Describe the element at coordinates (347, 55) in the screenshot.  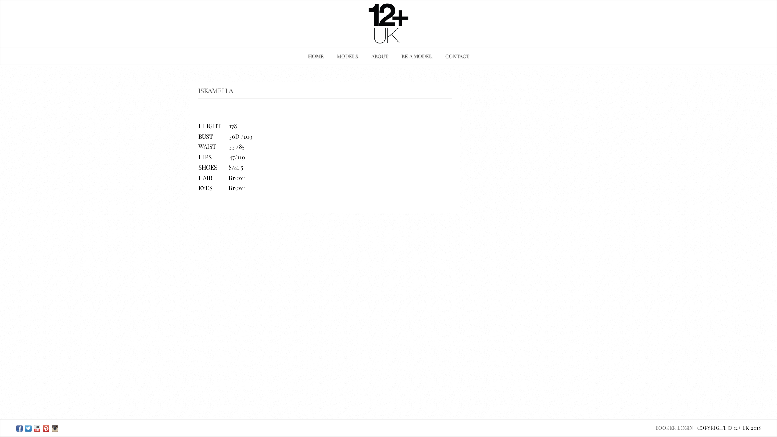
I see `'MODELS'` at that location.